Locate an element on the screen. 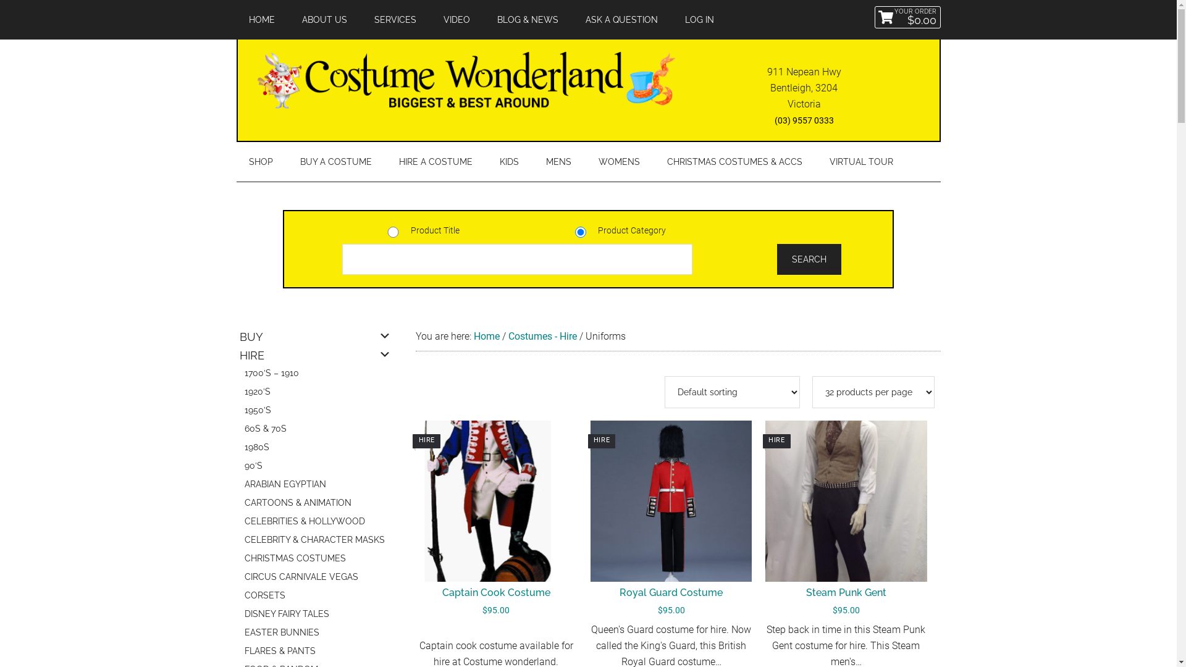  'HIRE A COSTUME' is located at coordinates (435, 161).